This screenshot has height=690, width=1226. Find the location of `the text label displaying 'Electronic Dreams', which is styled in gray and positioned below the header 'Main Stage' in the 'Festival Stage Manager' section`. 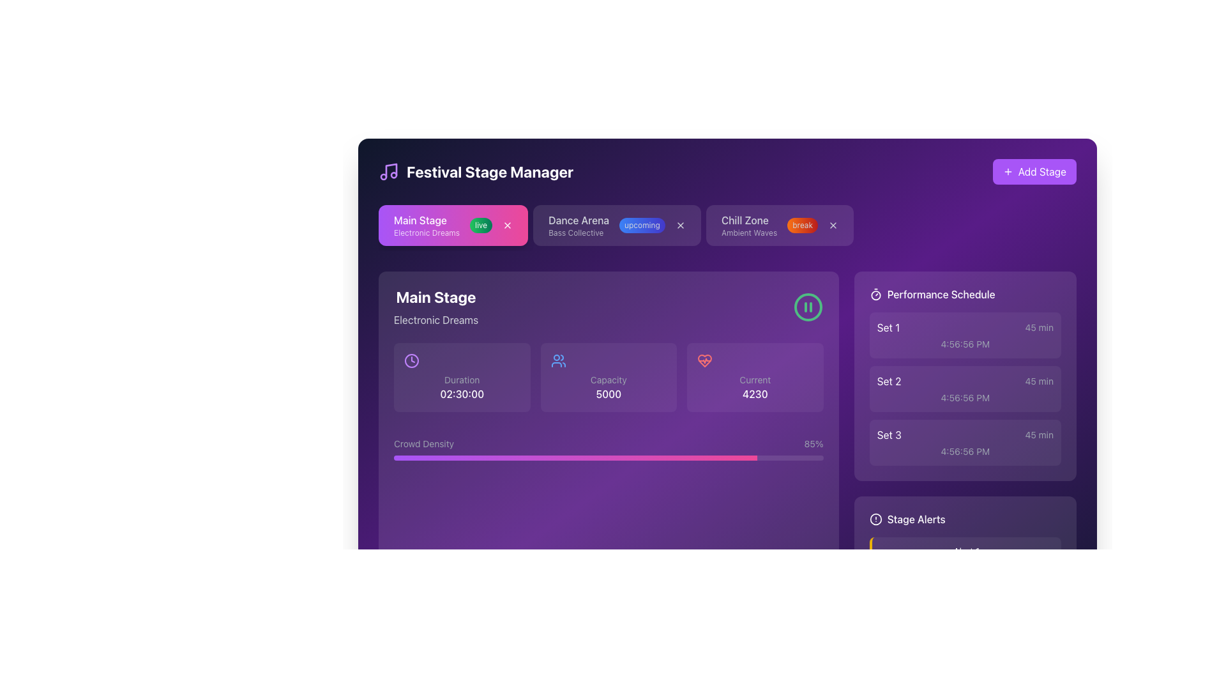

the text label displaying 'Electronic Dreams', which is styled in gray and positioned below the header 'Main Stage' in the 'Festival Stage Manager' section is located at coordinates (436, 319).